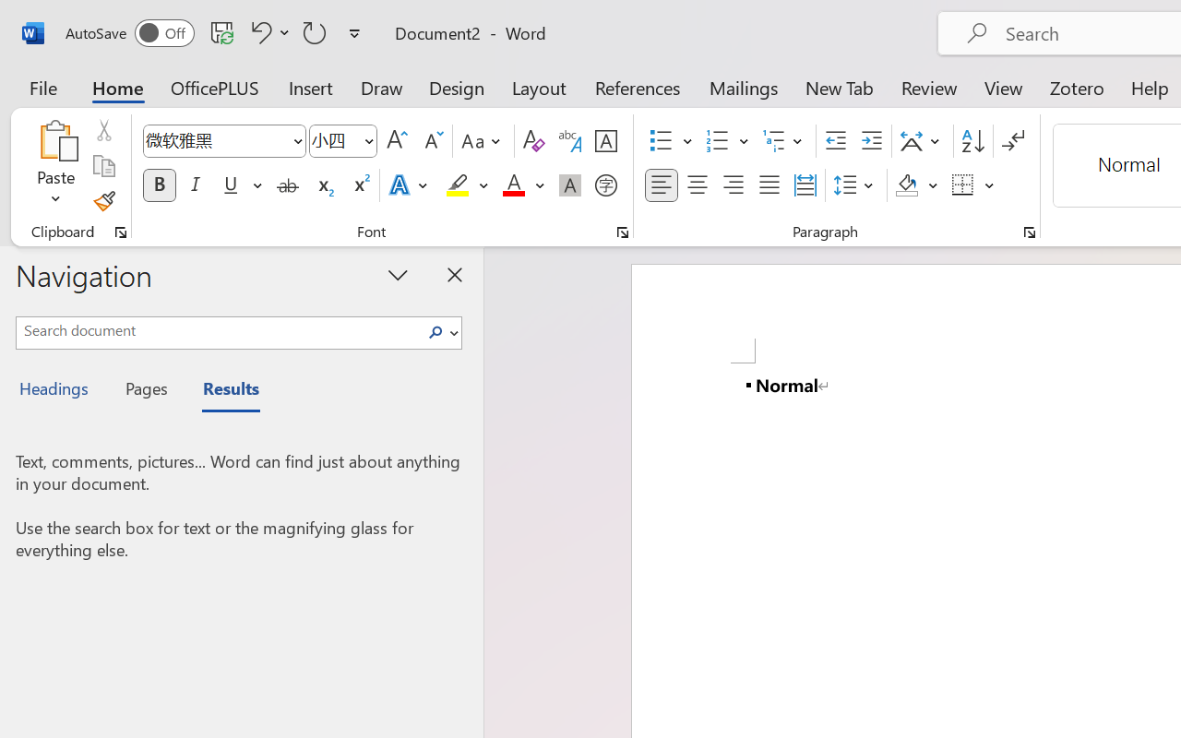 The image size is (1181, 738). Describe the element at coordinates (522, 185) in the screenshot. I see `'Font Color'` at that location.